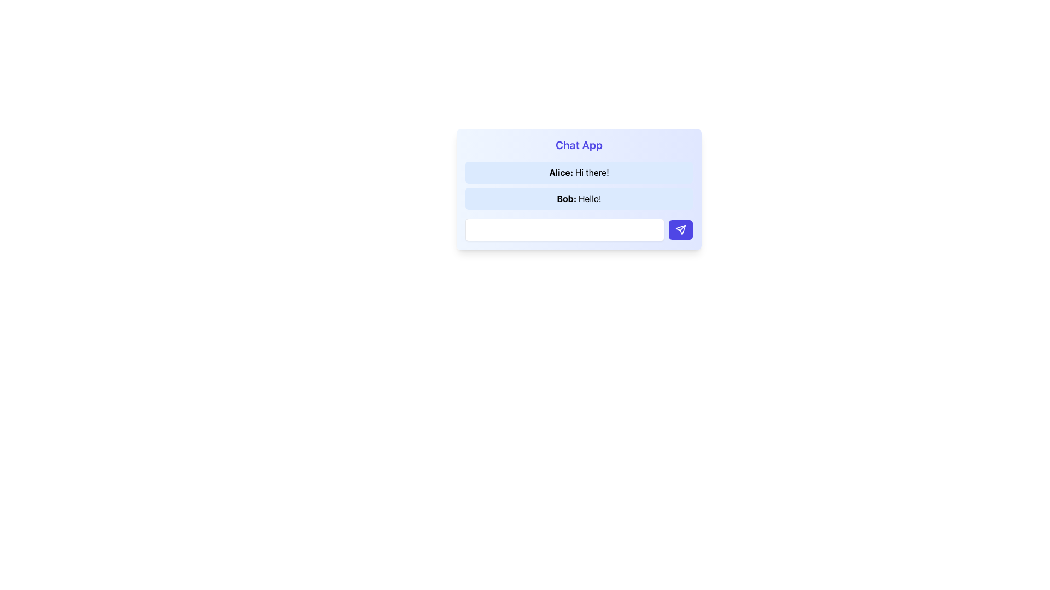  I want to click on the first chat message display element that presents the sender's name and their message to interact with it, assuming functionality is added, so click(579, 172).